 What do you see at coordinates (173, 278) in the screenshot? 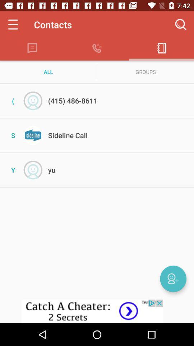
I see `webcam options` at bounding box center [173, 278].